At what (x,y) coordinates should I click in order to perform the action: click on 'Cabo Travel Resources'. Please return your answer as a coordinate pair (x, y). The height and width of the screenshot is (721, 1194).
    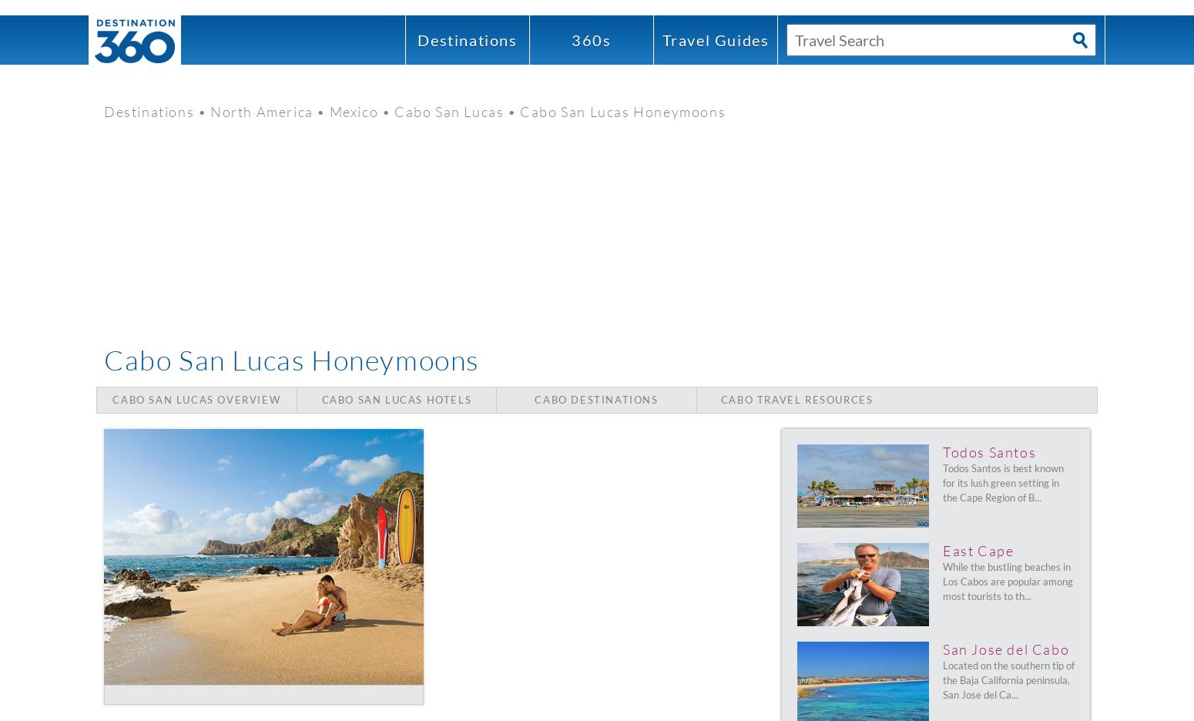
    Looking at the image, I should click on (797, 400).